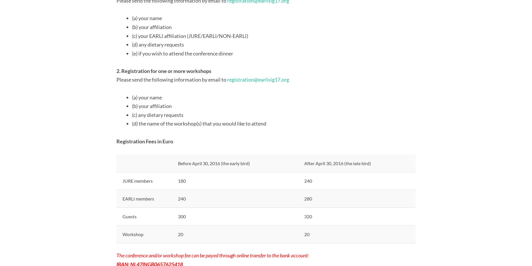 The height and width of the screenshot is (266, 532). Describe the element at coordinates (182, 53) in the screenshot. I see `'(e) if you wish to attend the conference dinner'` at that location.